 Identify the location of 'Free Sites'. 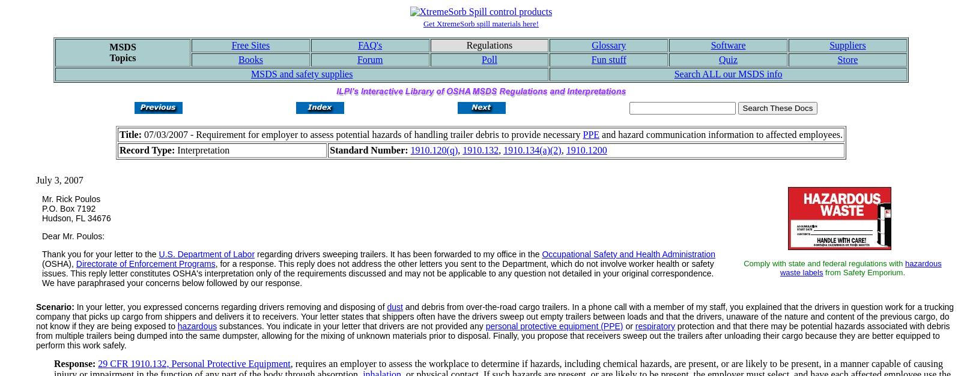
(249, 44).